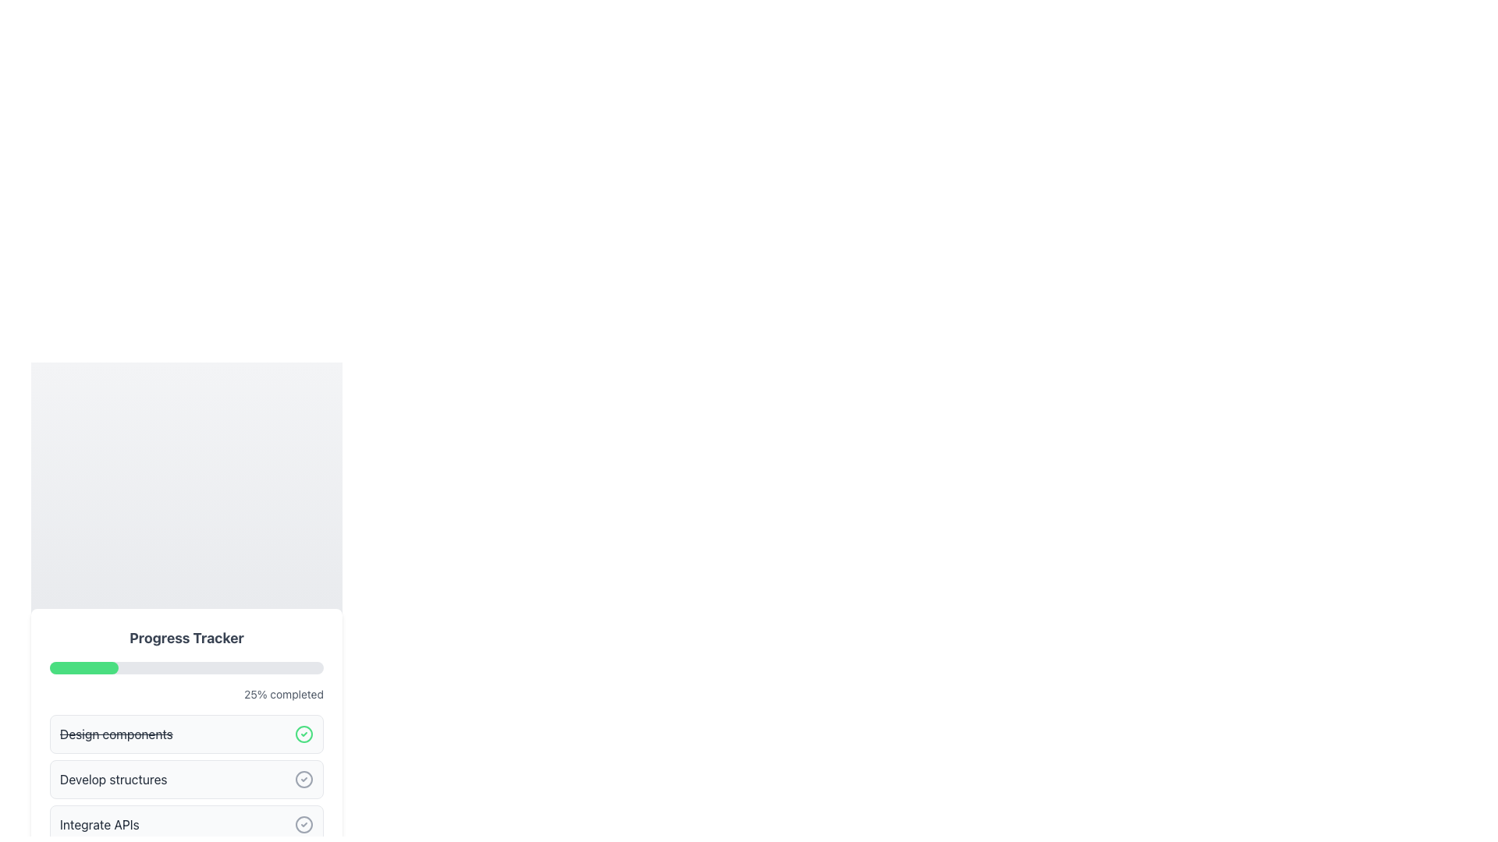  What do you see at coordinates (304, 734) in the screenshot?
I see `the SVG circle with a green outline and white interior, indicating the status of the 'Design components' task in the progress tracker section` at bounding box center [304, 734].